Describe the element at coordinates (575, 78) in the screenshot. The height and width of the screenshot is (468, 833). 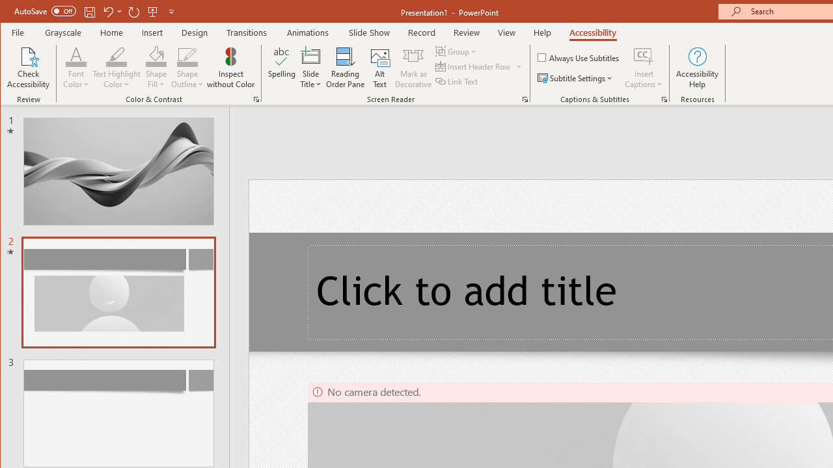
I see `'Subtitle Settings'` at that location.